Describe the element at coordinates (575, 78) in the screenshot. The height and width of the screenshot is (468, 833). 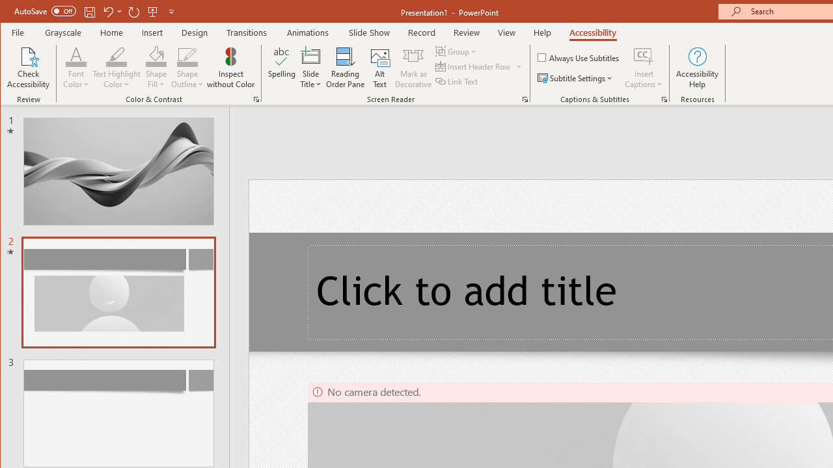
I see `'Subtitle Settings'` at that location.